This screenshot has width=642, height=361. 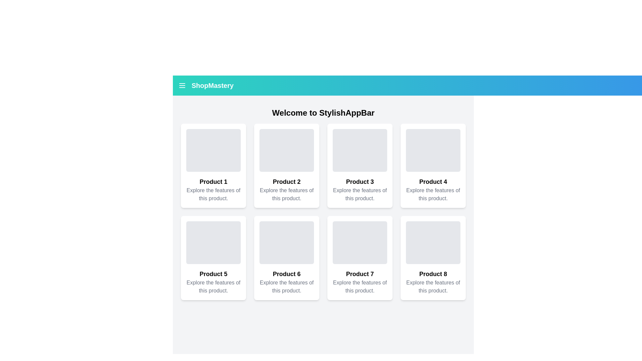 What do you see at coordinates (182, 85) in the screenshot?
I see `the hamburger icon button with a teal background, located in the top left corner of the interface` at bounding box center [182, 85].